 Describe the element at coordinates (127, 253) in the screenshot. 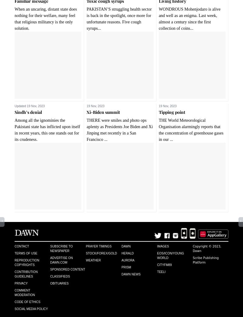

I see `'Herald'` at that location.